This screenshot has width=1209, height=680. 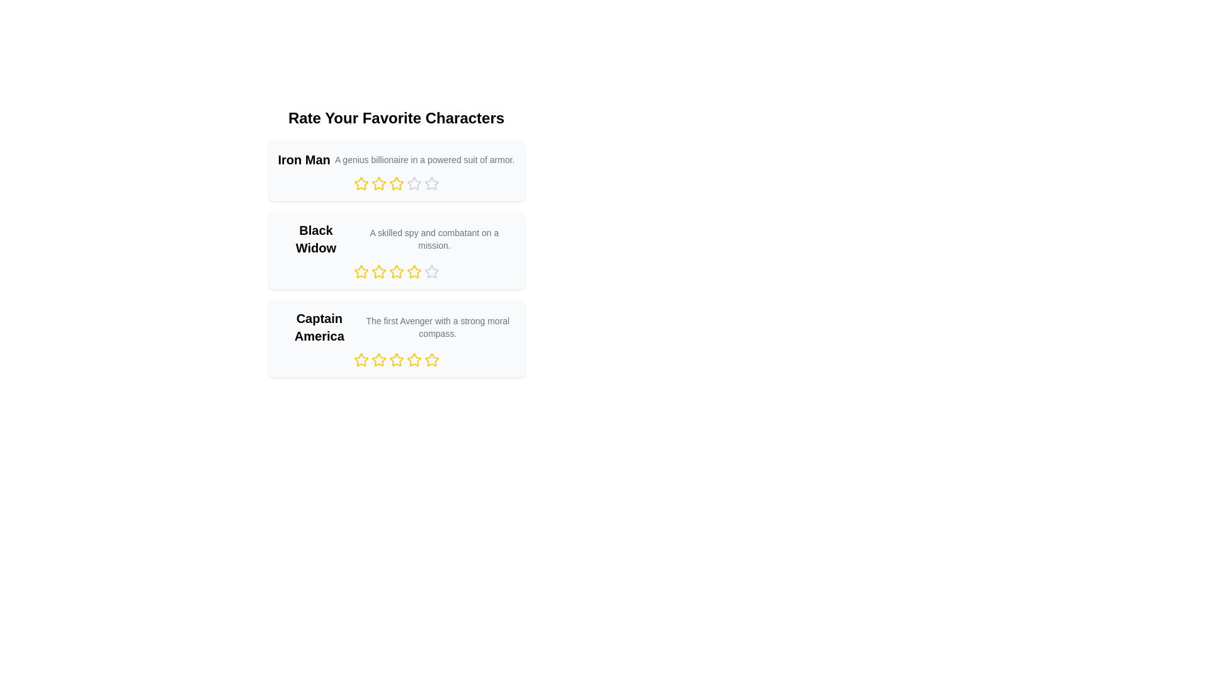 What do you see at coordinates (395, 159) in the screenshot?
I see `the text block containing the title 'Iron Man' and the description 'A genius billionaire in a powered suit of armor.' which is the first in the list of character descriptions` at bounding box center [395, 159].